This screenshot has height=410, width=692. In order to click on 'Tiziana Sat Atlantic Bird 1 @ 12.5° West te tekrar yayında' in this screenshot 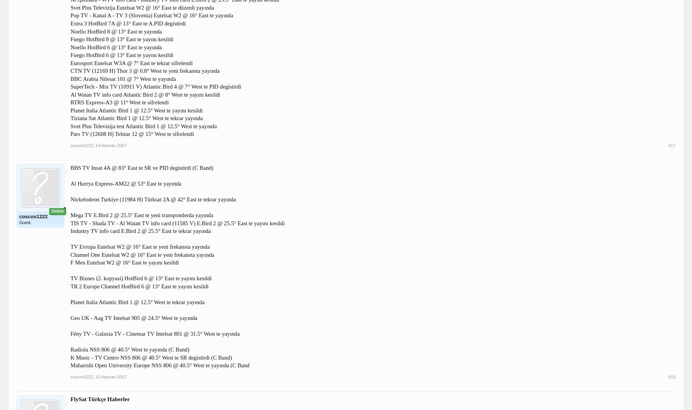, I will do `click(136, 118)`.